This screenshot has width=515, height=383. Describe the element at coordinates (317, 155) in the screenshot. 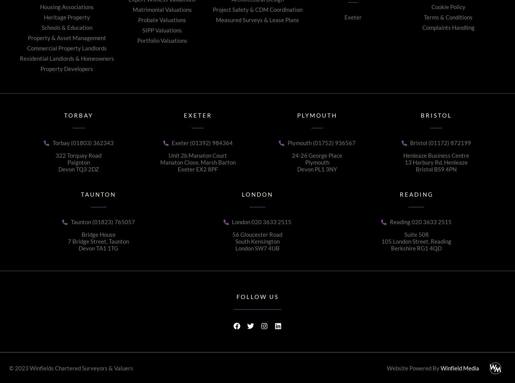

I see `'24-26 George Place'` at that location.